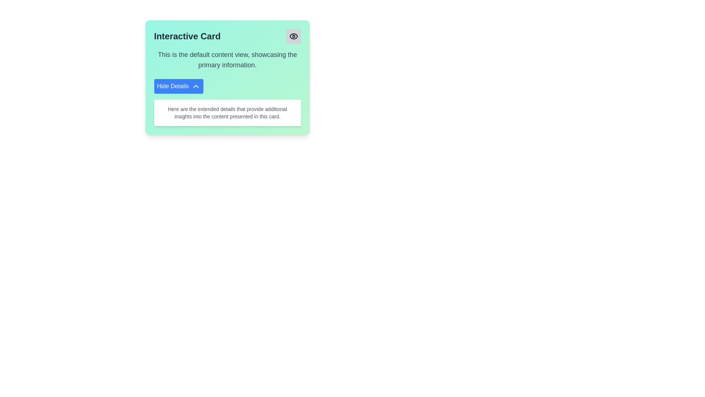 Image resolution: width=705 pixels, height=397 pixels. What do you see at coordinates (172, 86) in the screenshot?
I see `text 'Hide Details' embedded in the button that is positioned below the header 'Interactive Card' and to the left of a chevron icon` at bounding box center [172, 86].